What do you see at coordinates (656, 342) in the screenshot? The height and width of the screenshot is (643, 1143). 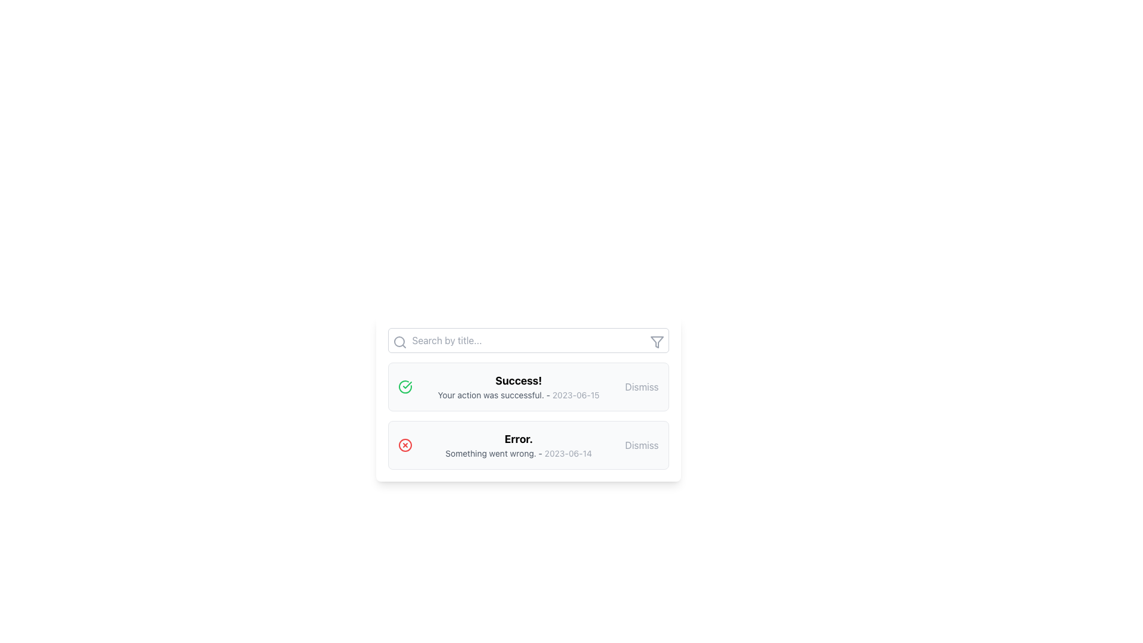 I see `the filter icon button, which is a thin-bordered triangle shape resembling a funnel, located at the rightmost edge of the search bar` at bounding box center [656, 342].